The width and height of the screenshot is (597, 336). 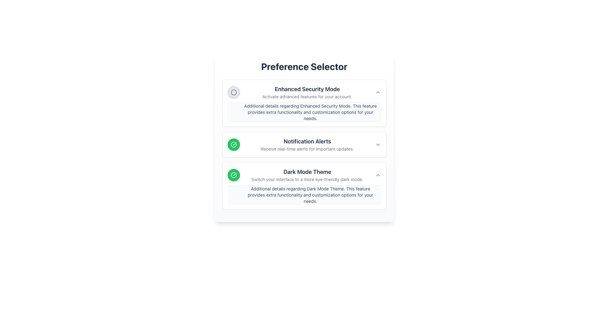 I want to click on the style or status of the Notification Alerts icon located to the left of the descriptive text indicating real-time update notifications, so click(x=233, y=175).